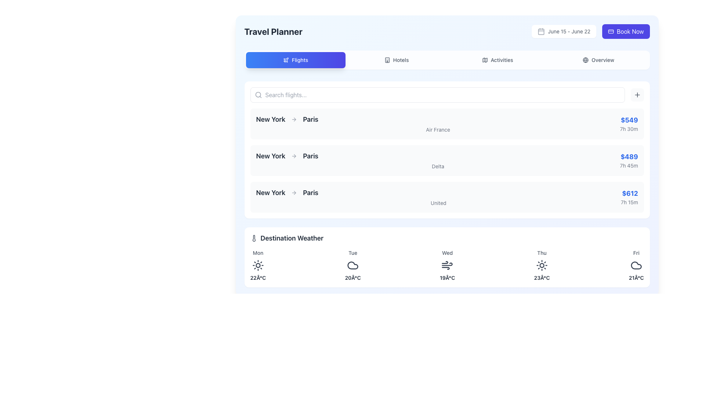 This screenshot has height=396, width=705. What do you see at coordinates (636, 265) in the screenshot?
I see `the cloud icon representing cloudy weather for Friday, located under the weather section adjacent to the temperature information of 21°C` at bounding box center [636, 265].